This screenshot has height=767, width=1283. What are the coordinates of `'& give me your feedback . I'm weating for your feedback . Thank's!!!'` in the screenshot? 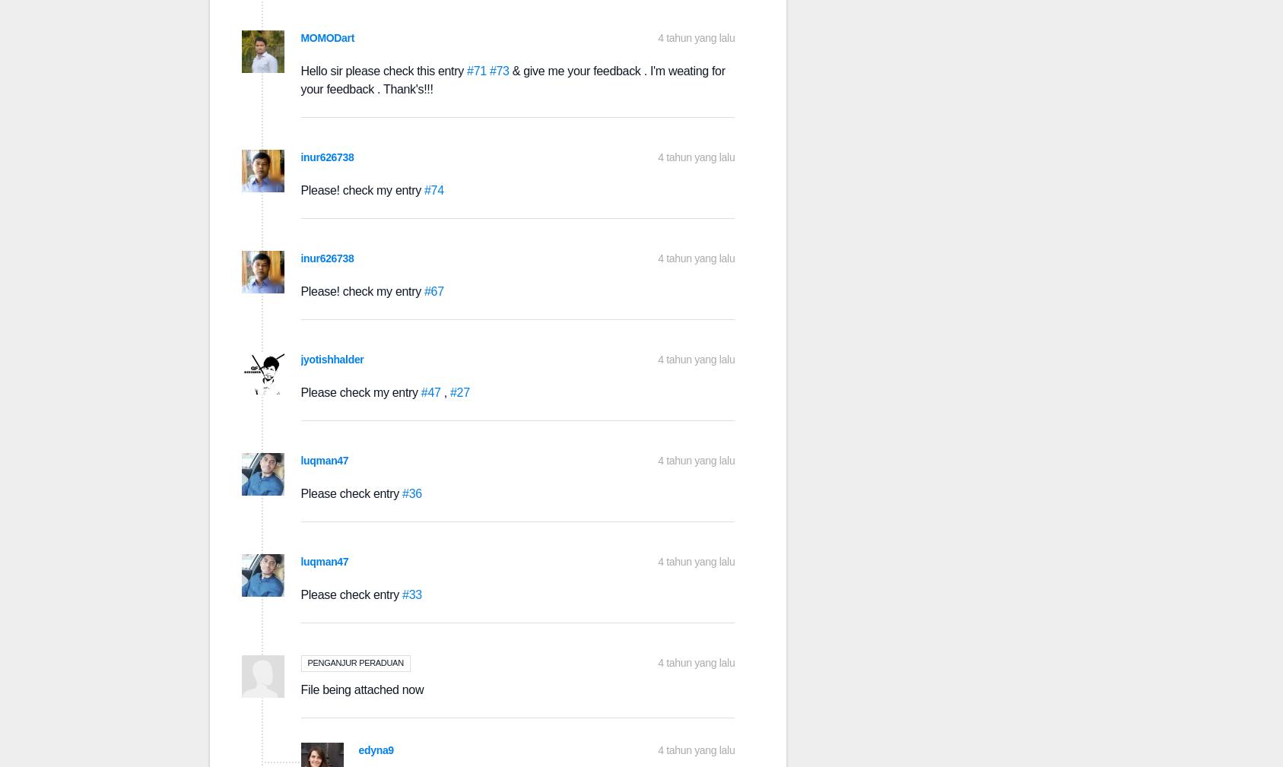 It's located at (512, 79).